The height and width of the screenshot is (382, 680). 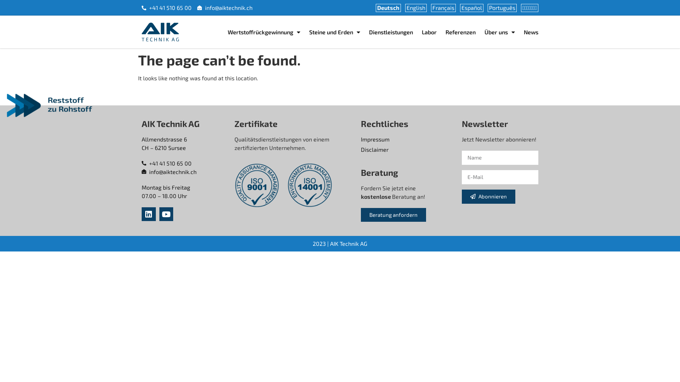 I want to click on 'Beratung anfordern', so click(x=393, y=214).